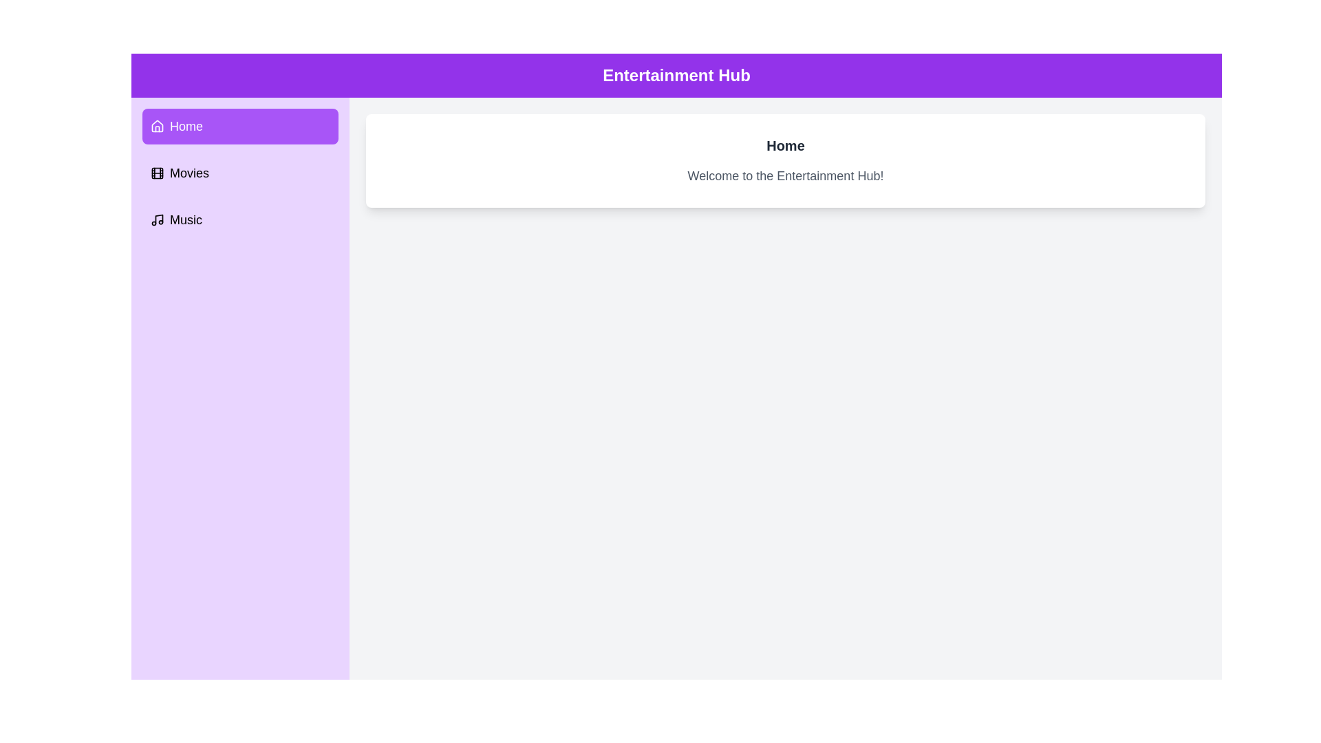  I want to click on the Music tab to switch to its content, so click(240, 219).